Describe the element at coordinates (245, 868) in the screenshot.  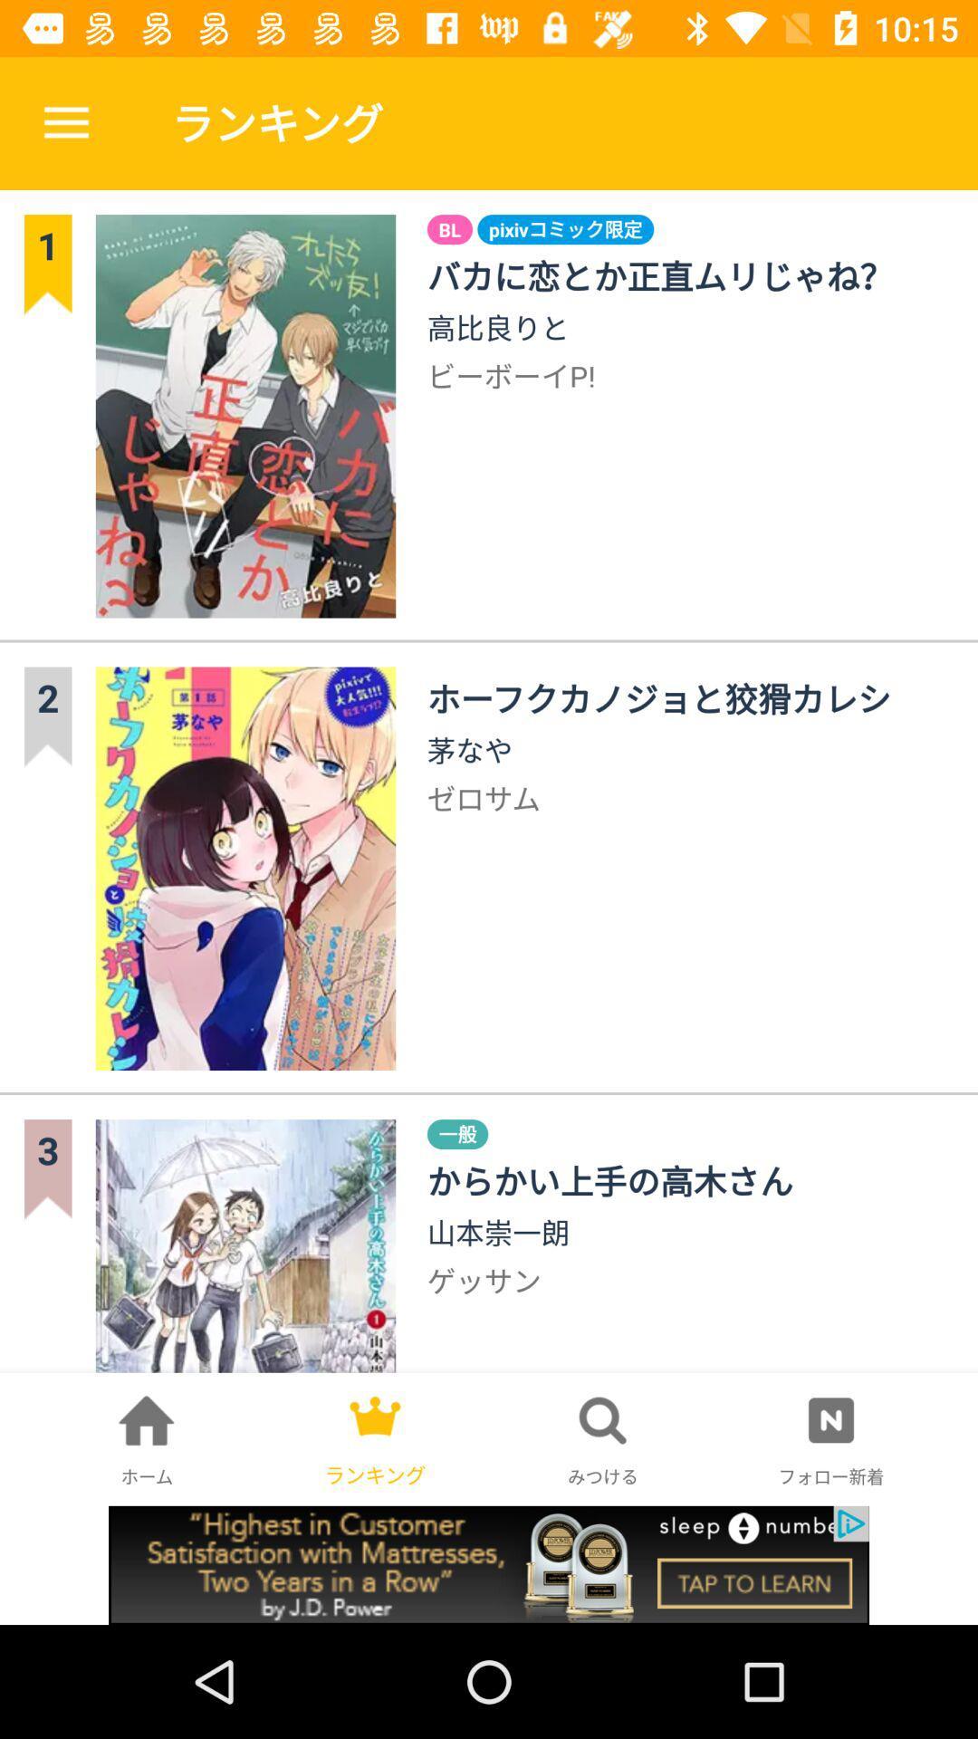
I see `the second image in second row` at that location.